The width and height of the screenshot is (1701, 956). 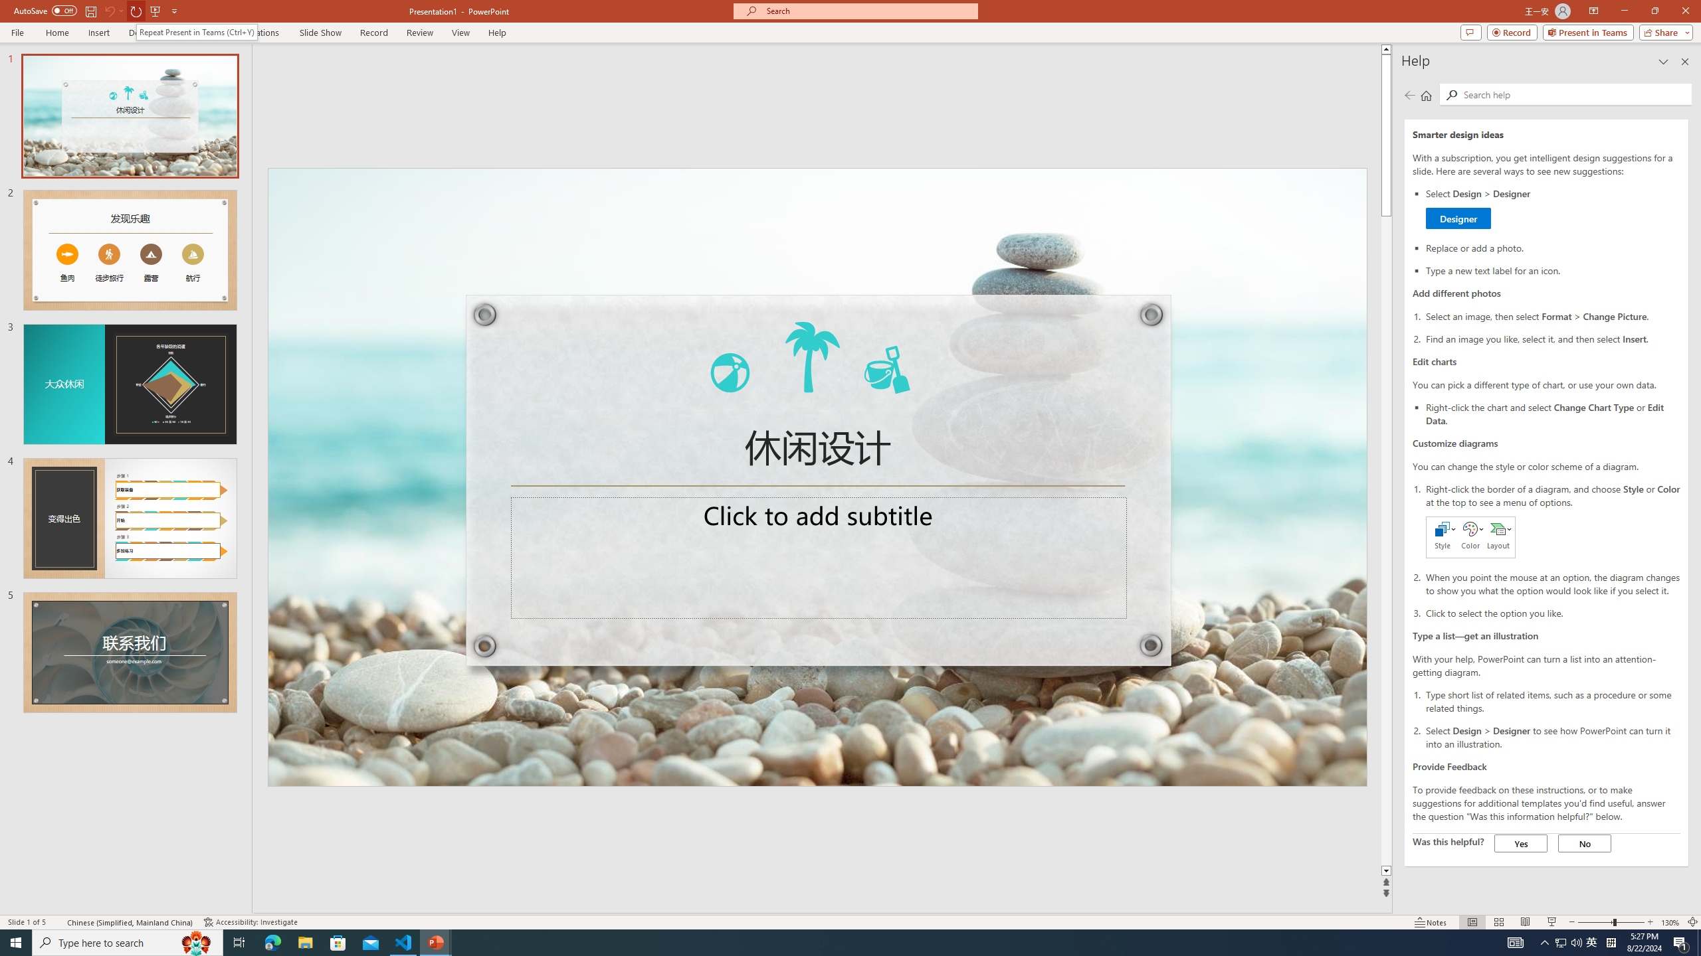 What do you see at coordinates (1552, 612) in the screenshot?
I see `'Click to select the option you like.'` at bounding box center [1552, 612].